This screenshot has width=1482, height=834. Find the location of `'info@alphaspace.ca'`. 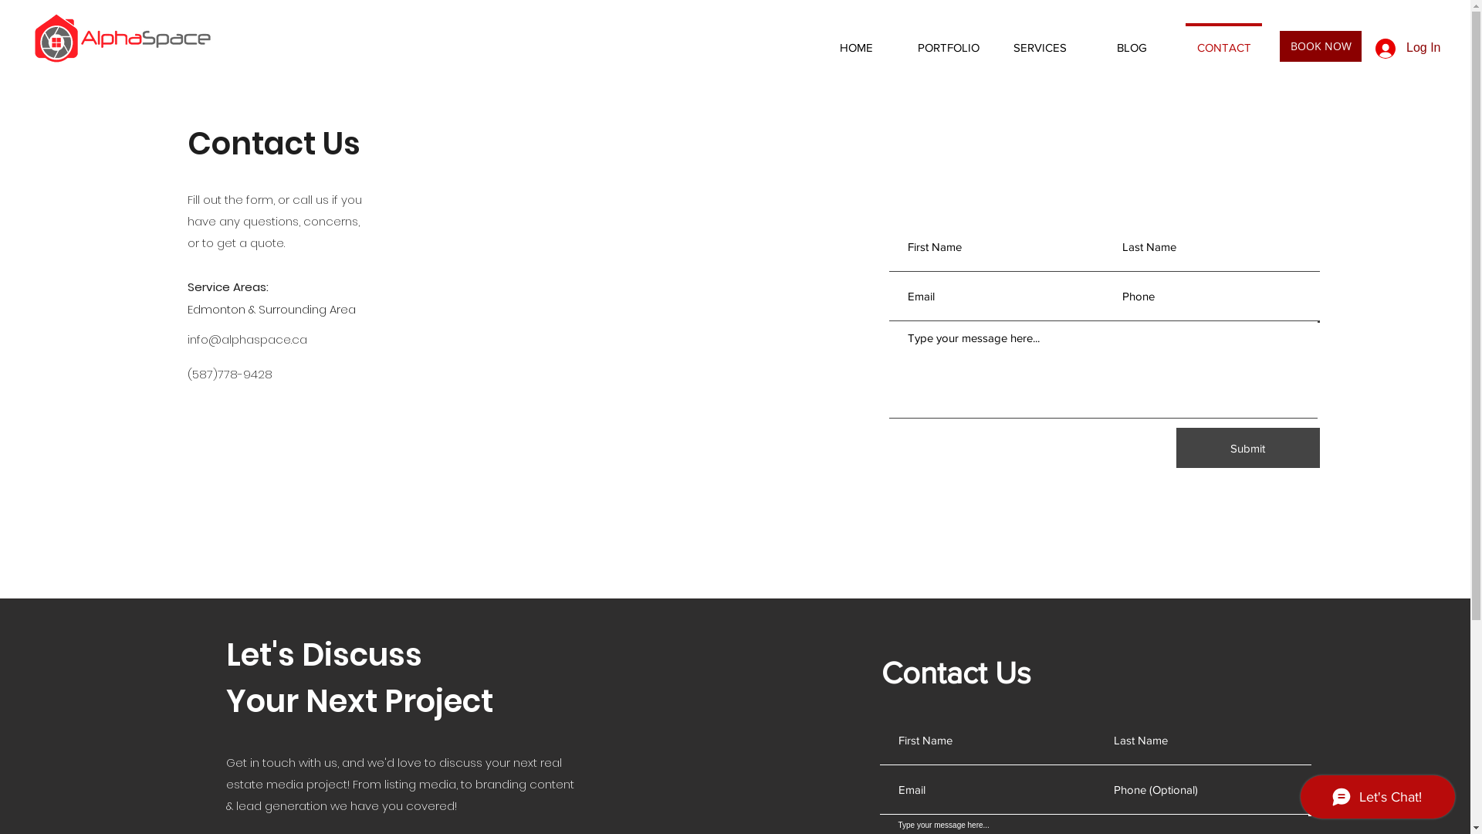

'info@alphaspace.ca' is located at coordinates (247, 338).